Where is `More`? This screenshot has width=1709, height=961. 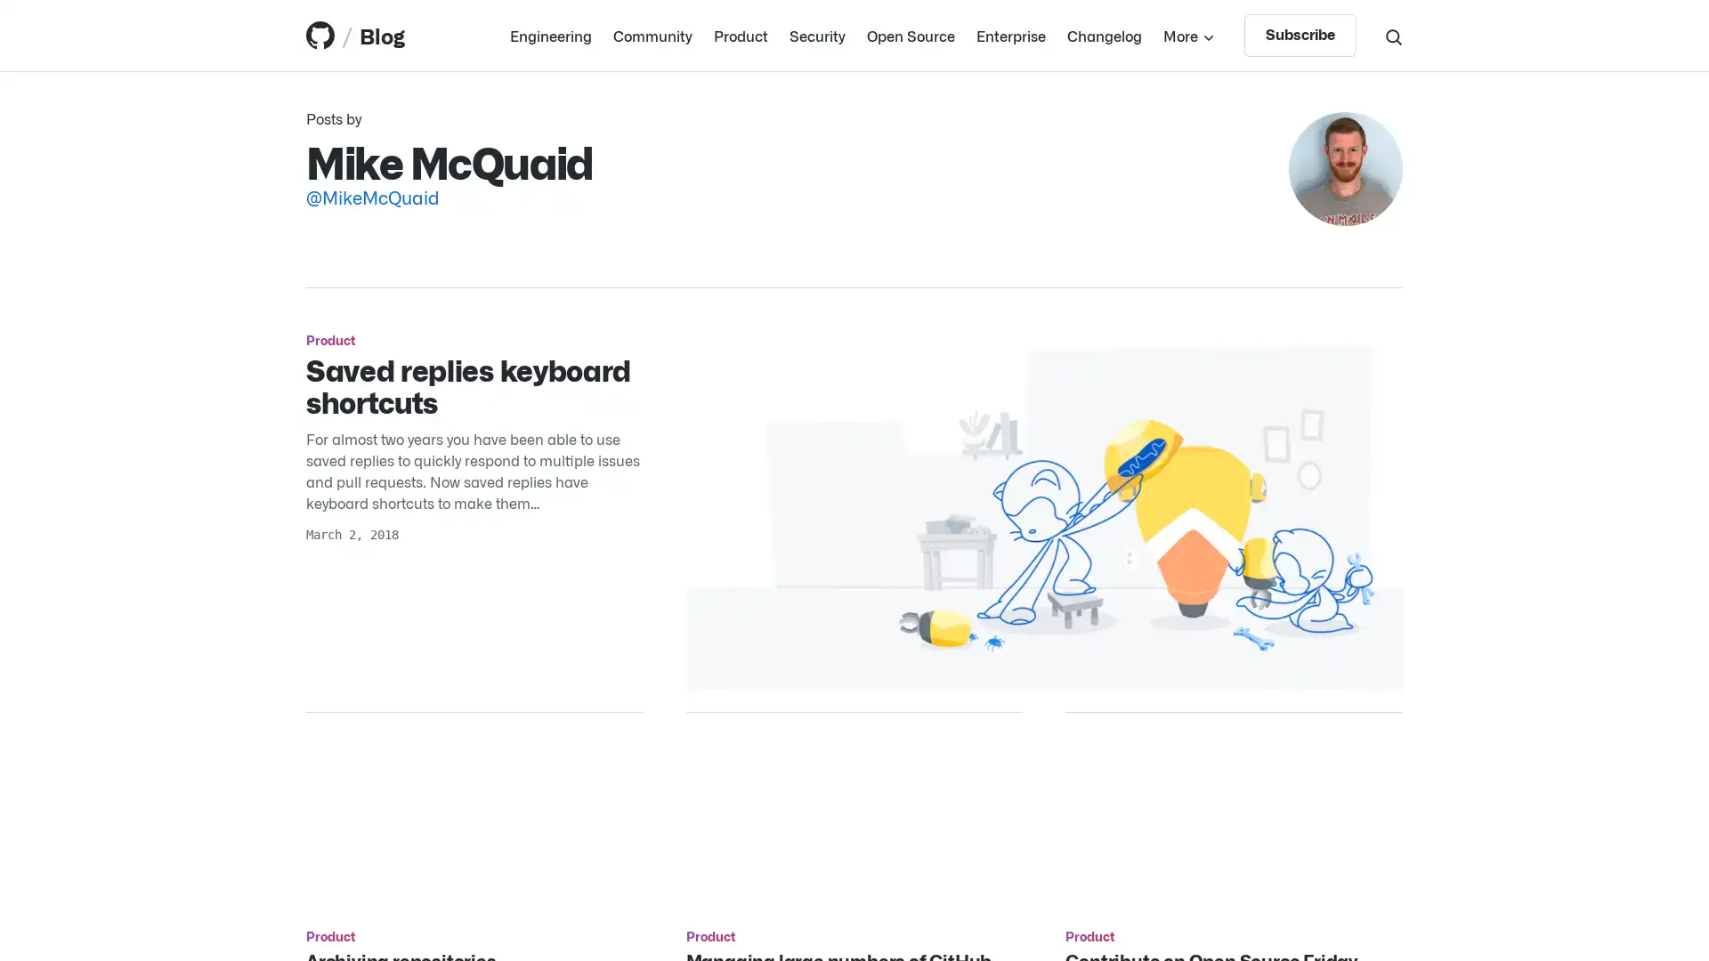 More is located at coordinates (1189, 34).